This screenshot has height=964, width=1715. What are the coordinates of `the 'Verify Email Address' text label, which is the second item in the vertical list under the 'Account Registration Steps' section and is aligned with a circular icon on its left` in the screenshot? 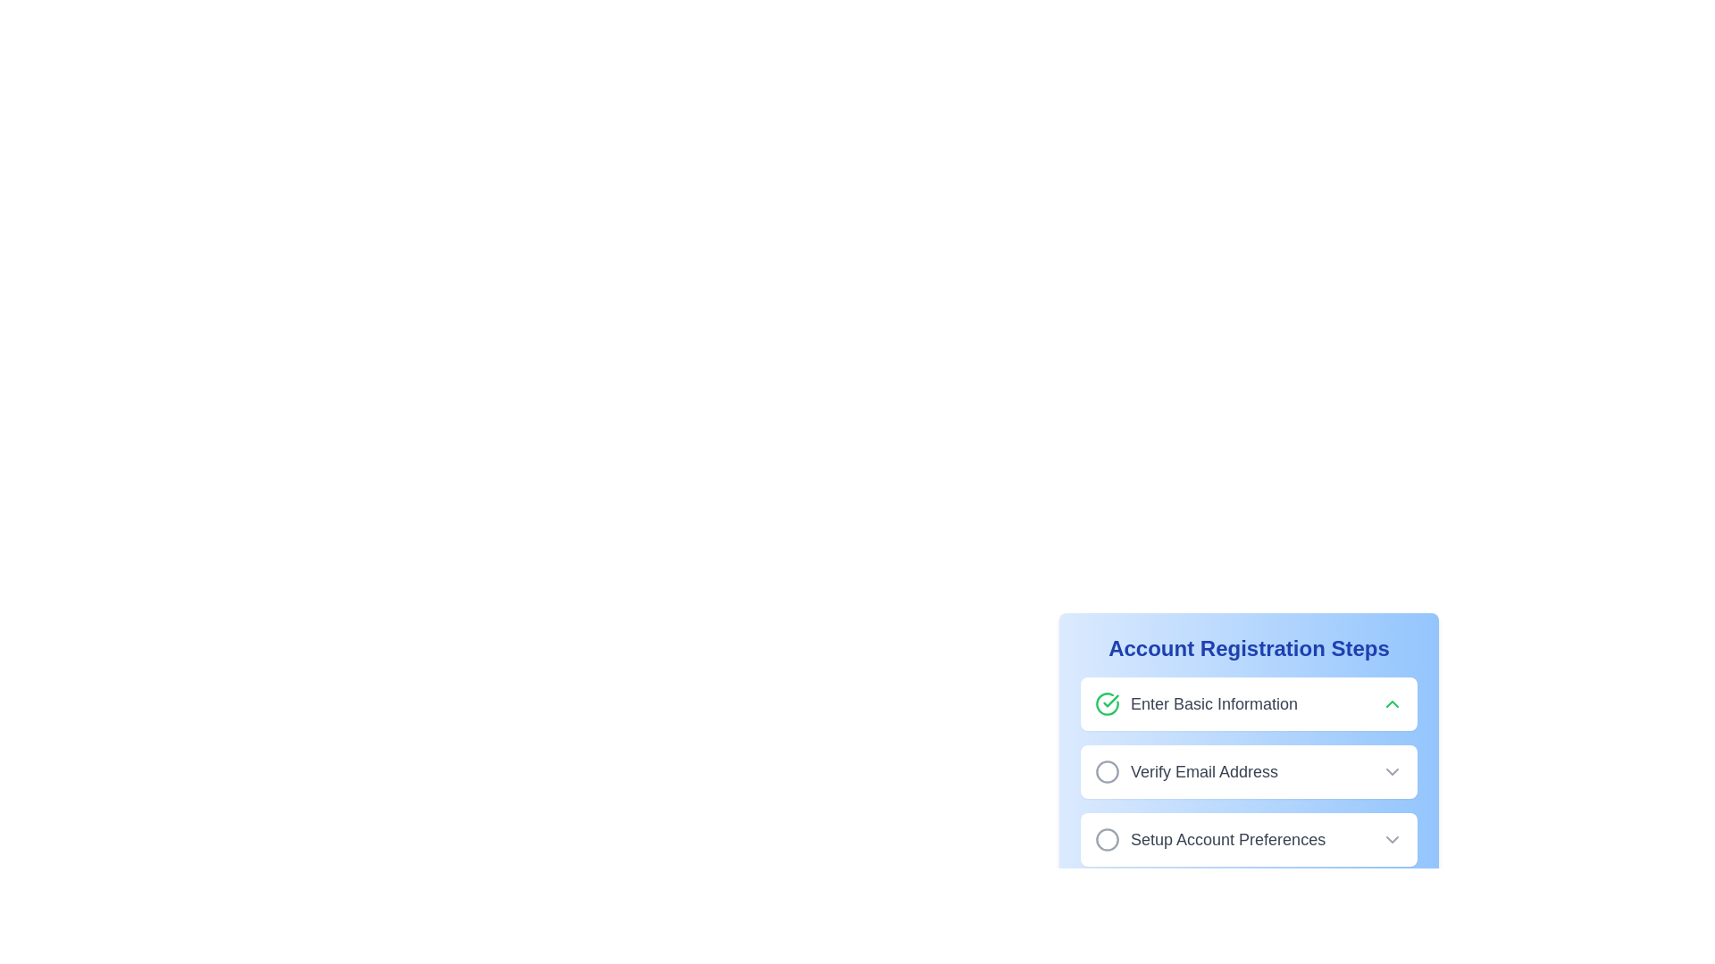 It's located at (1204, 770).